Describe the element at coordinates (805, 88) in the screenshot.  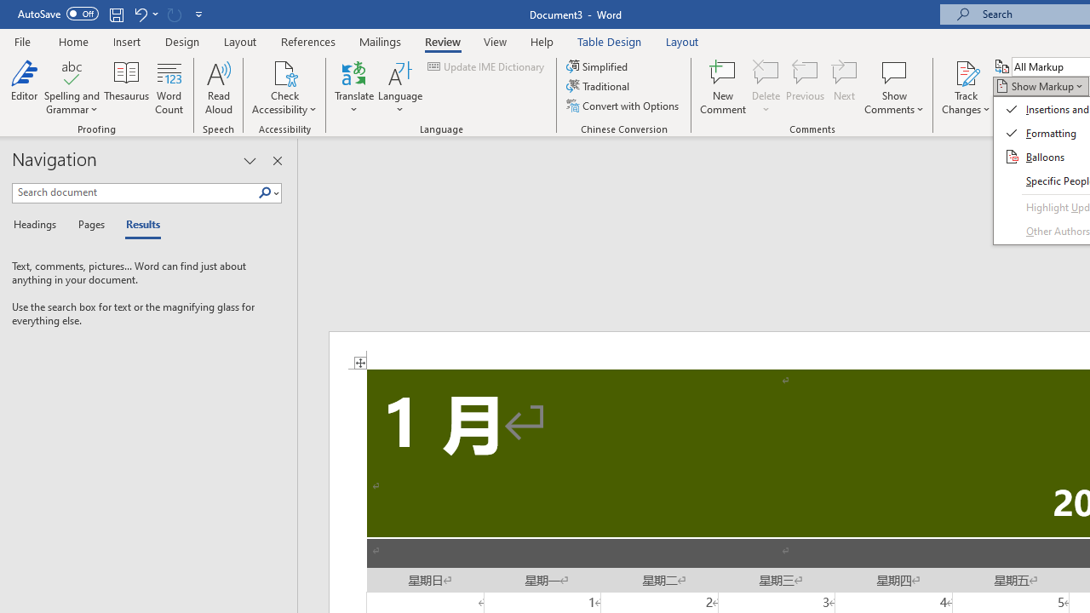
I see `'Previous'` at that location.